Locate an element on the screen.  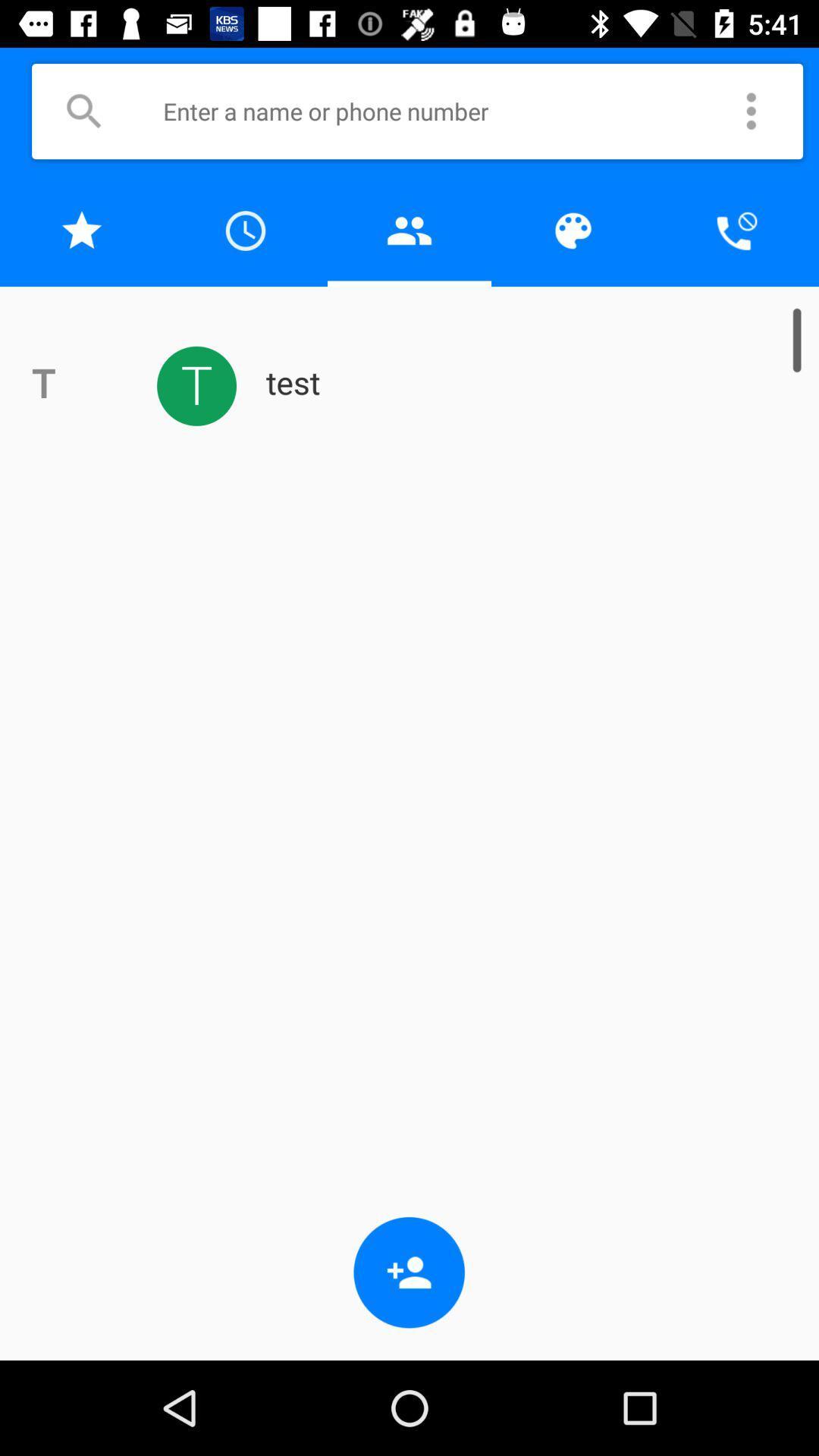
to favorites is located at coordinates (82, 230).